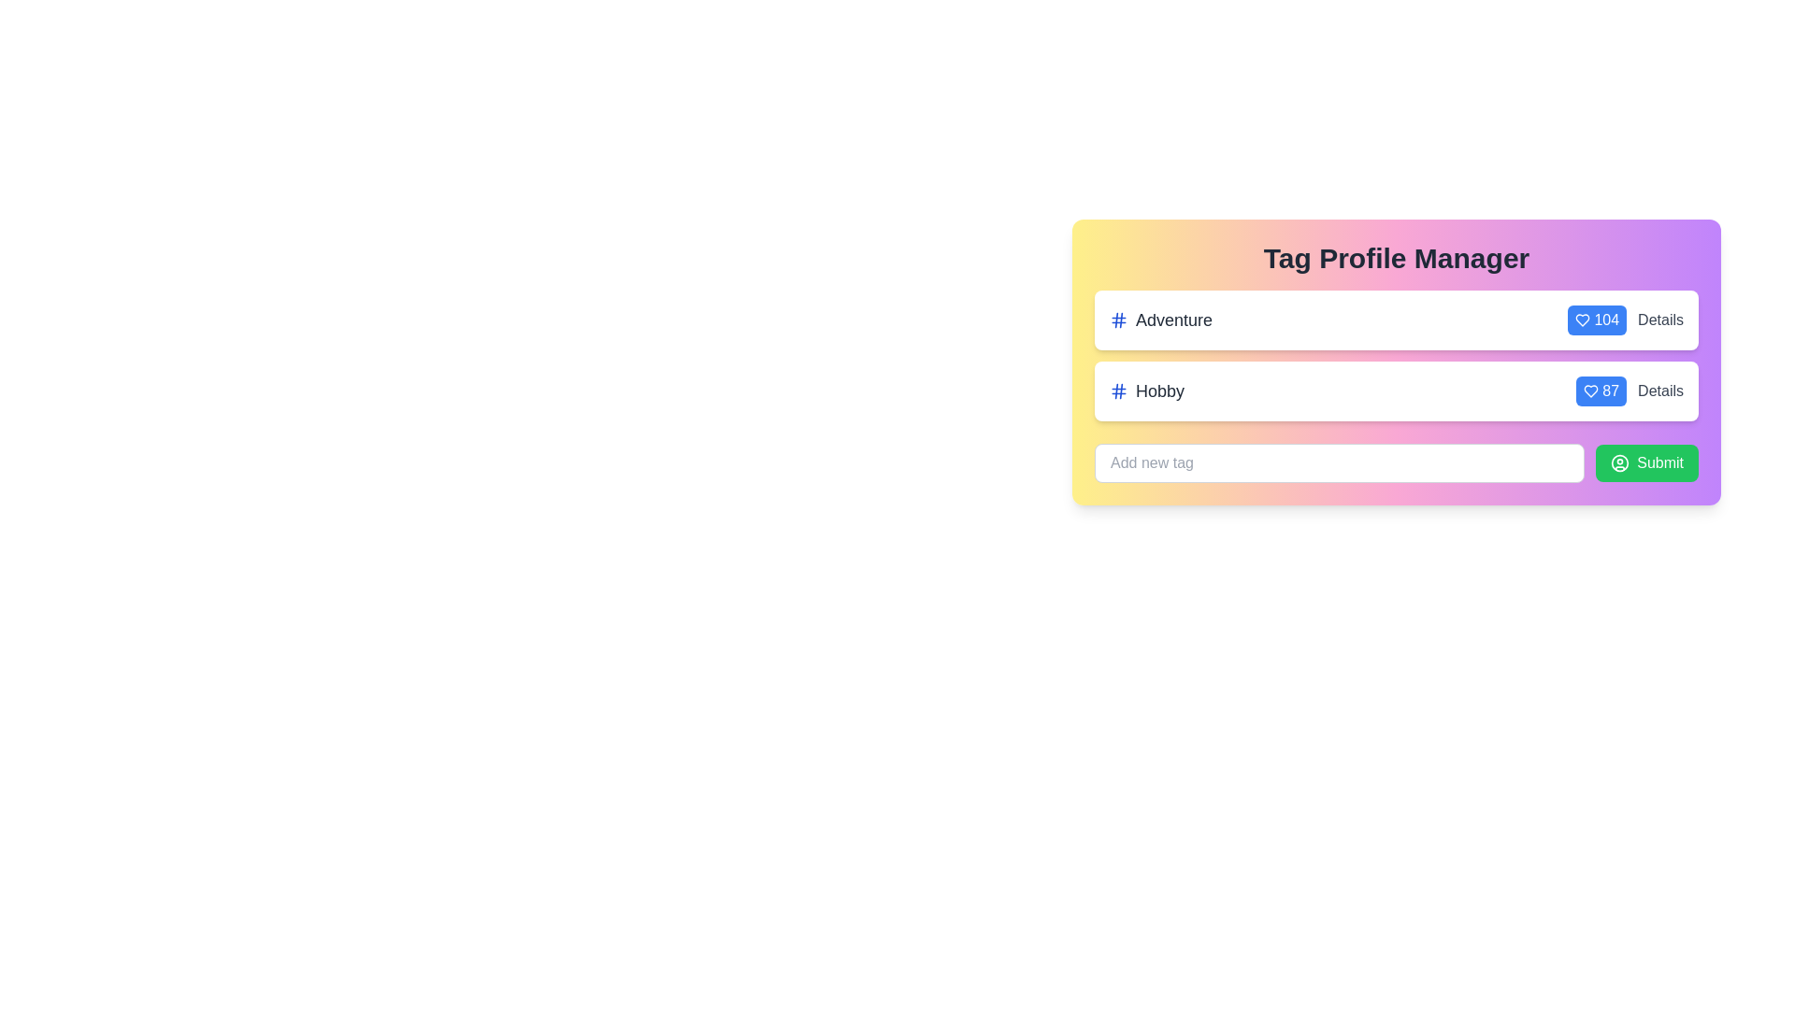 The width and height of the screenshot is (1795, 1009). Describe the element at coordinates (1396, 391) in the screenshot. I see `the List item labeled 'Hobby' in the tag management interface, which is the second item in the vertical list directly below 'Adventure' with a blue '104' badge` at that location.